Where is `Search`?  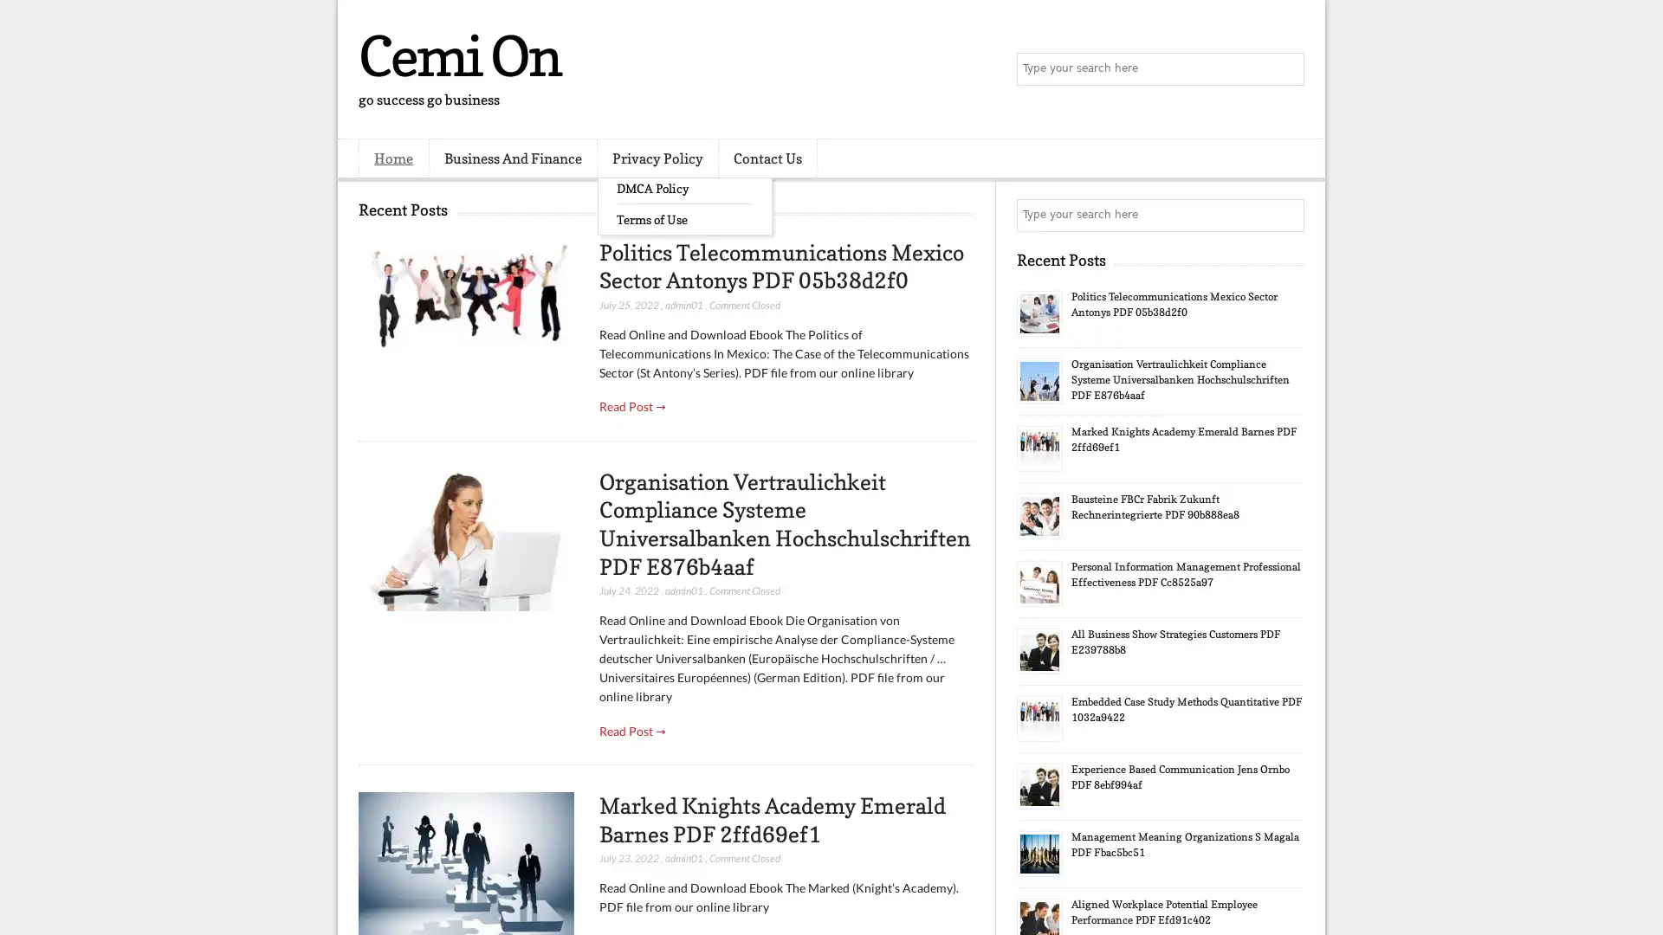
Search is located at coordinates (1286, 215).